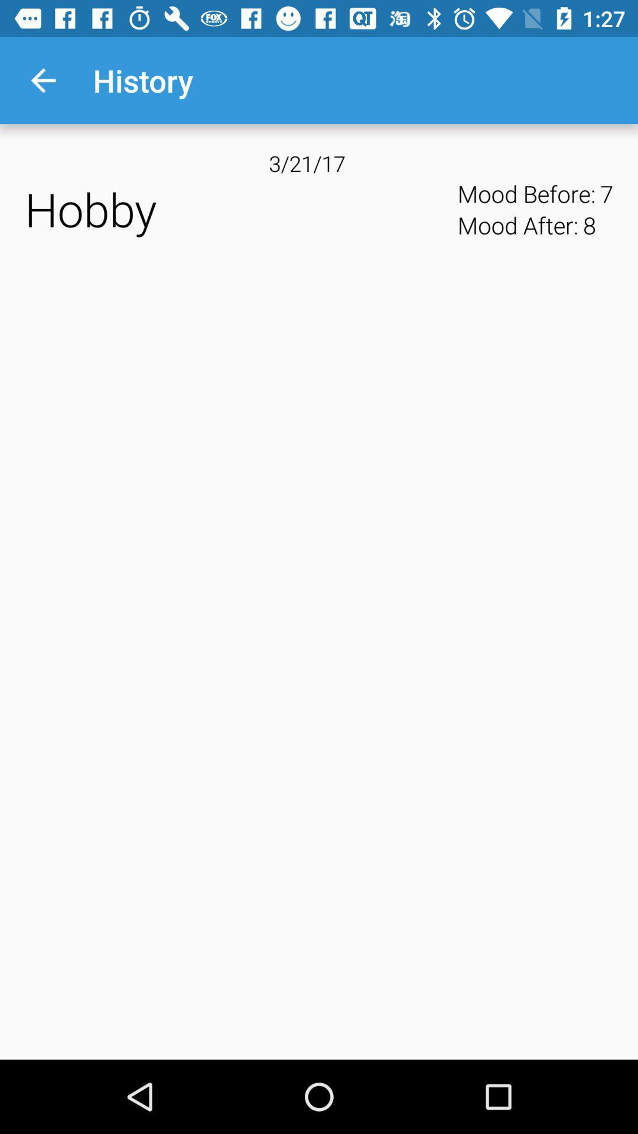  What do you see at coordinates (589, 225) in the screenshot?
I see `the 8` at bounding box center [589, 225].